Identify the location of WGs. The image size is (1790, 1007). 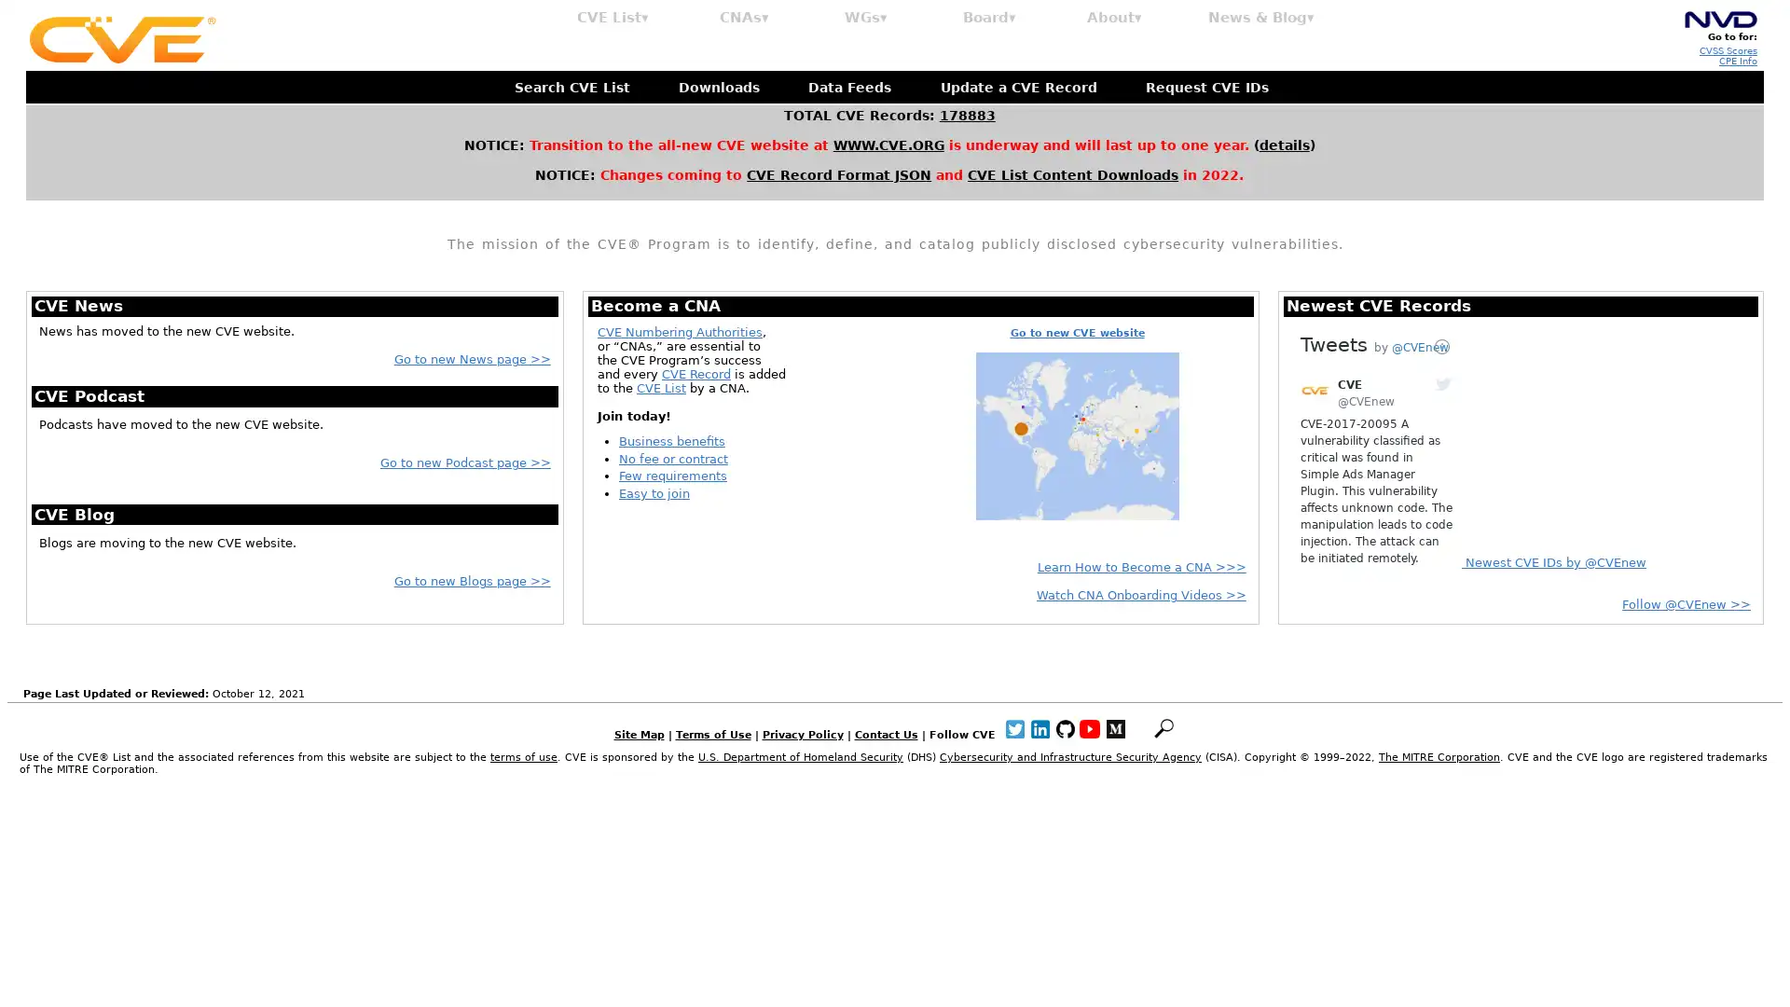
(865, 18).